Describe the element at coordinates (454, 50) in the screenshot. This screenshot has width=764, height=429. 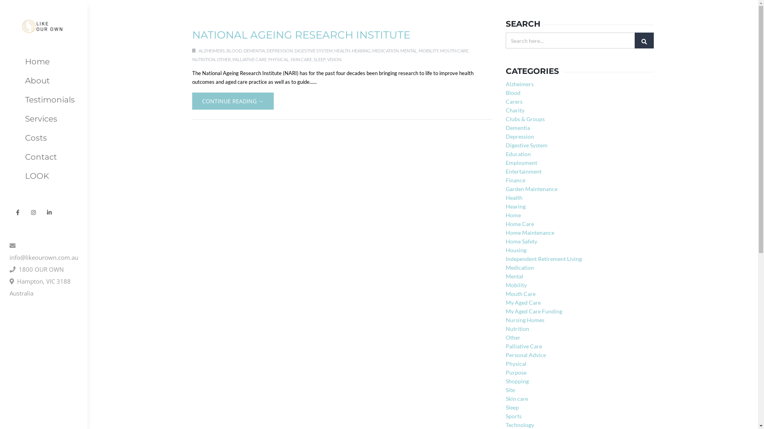
I see `'MOUTH CARE'` at that location.